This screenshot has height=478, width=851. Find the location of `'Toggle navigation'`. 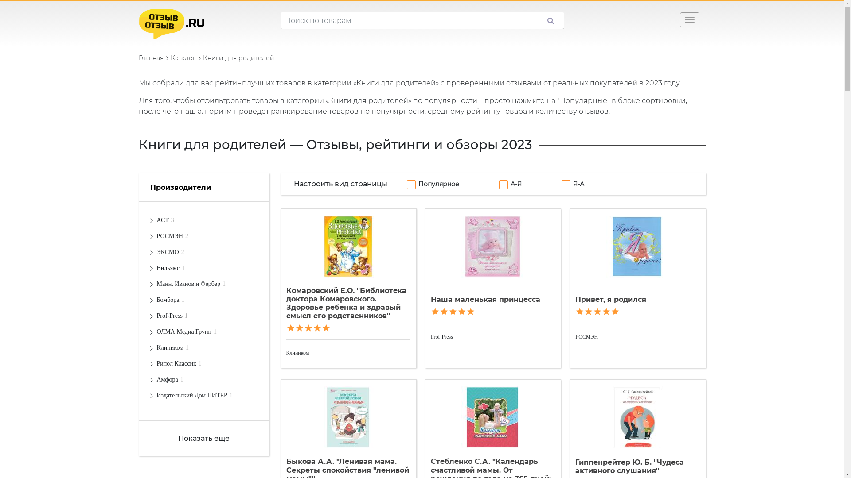

'Toggle navigation' is located at coordinates (689, 20).